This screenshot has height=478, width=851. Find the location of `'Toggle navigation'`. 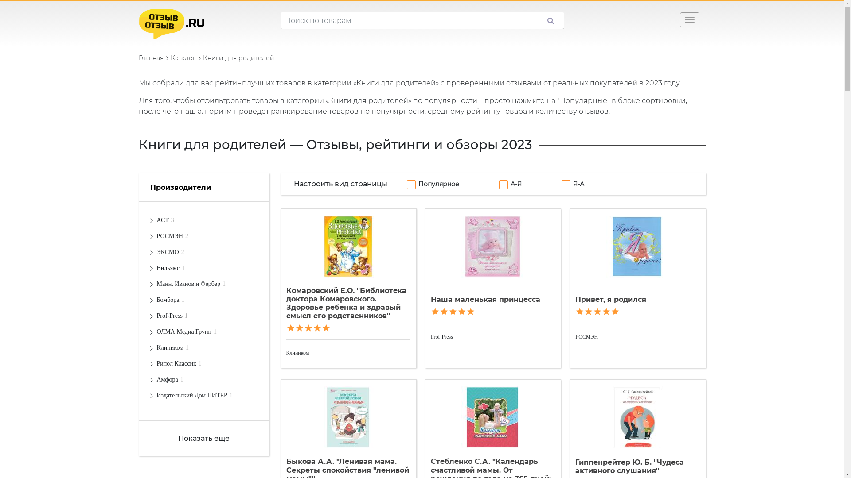

'Toggle navigation' is located at coordinates (689, 20).